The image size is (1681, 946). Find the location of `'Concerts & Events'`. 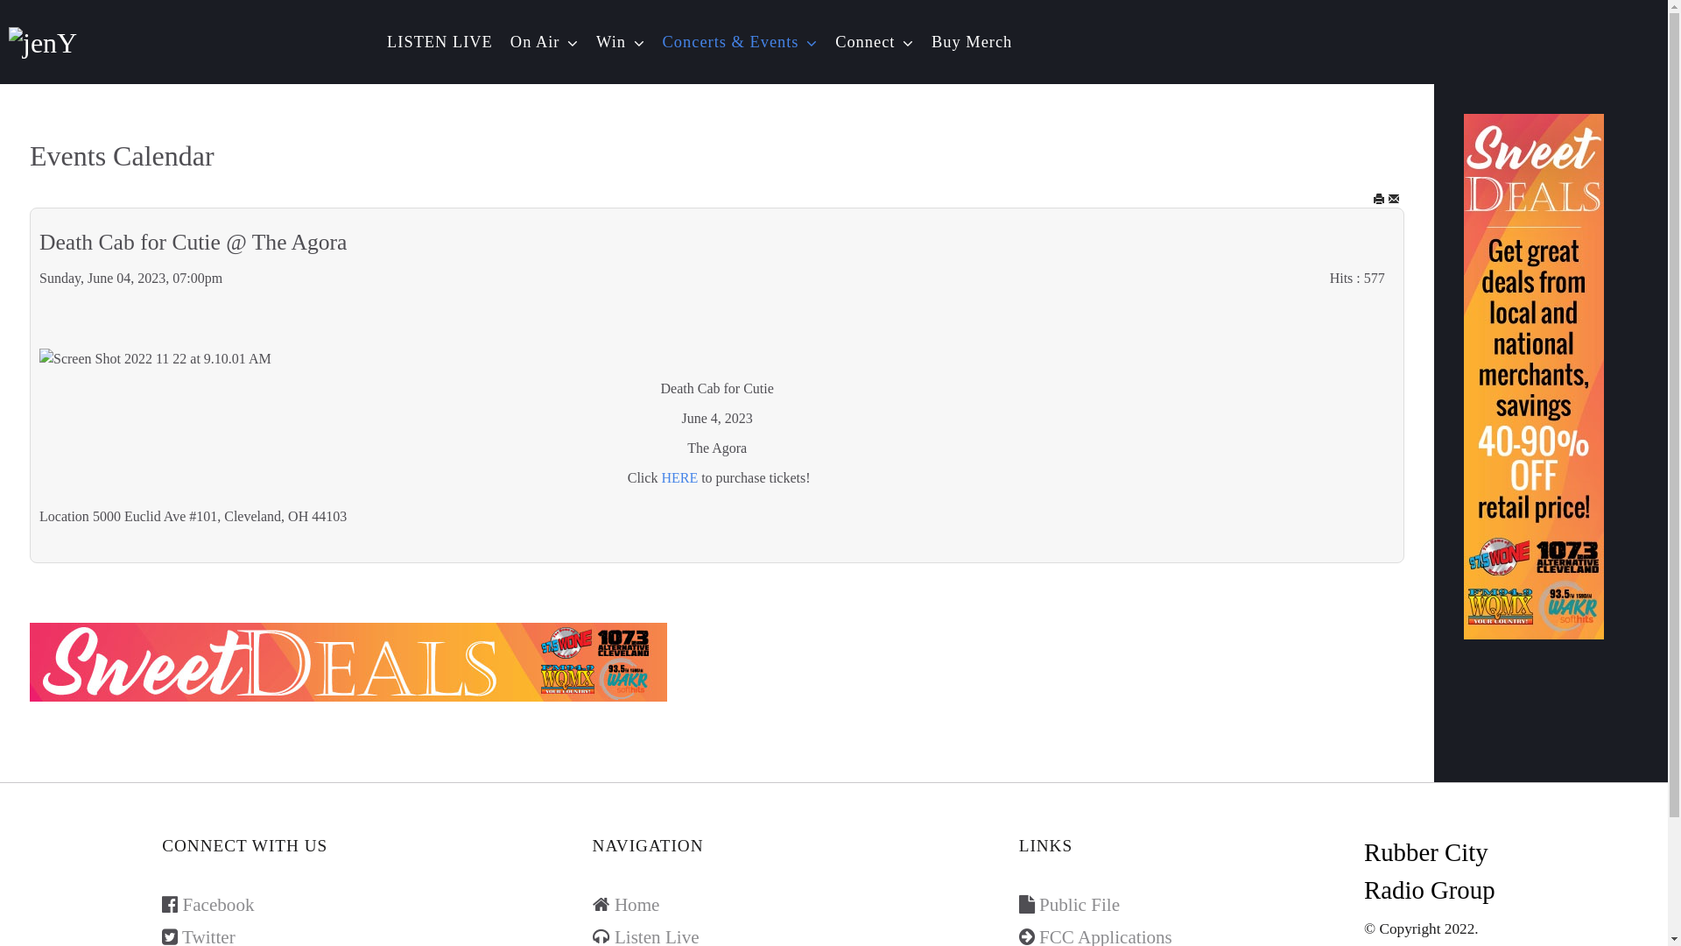

'Concerts & Events' is located at coordinates (740, 40).